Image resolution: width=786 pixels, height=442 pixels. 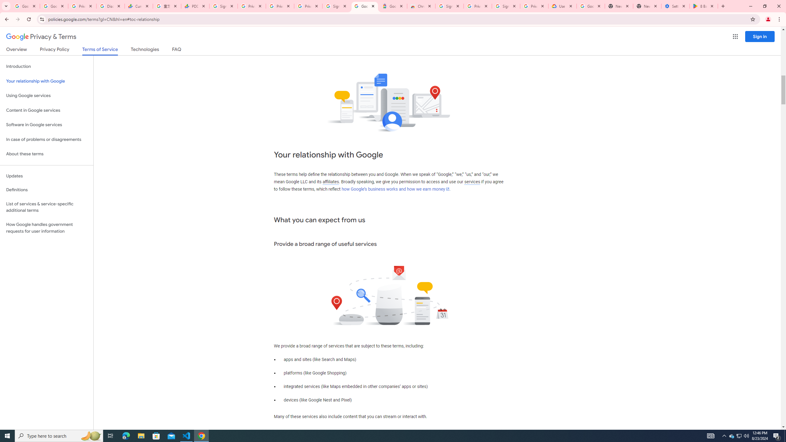 What do you see at coordinates (46, 207) in the screenshot?
I see `'List of services & service-specific additional terms'` at bounding box center [46, 207].